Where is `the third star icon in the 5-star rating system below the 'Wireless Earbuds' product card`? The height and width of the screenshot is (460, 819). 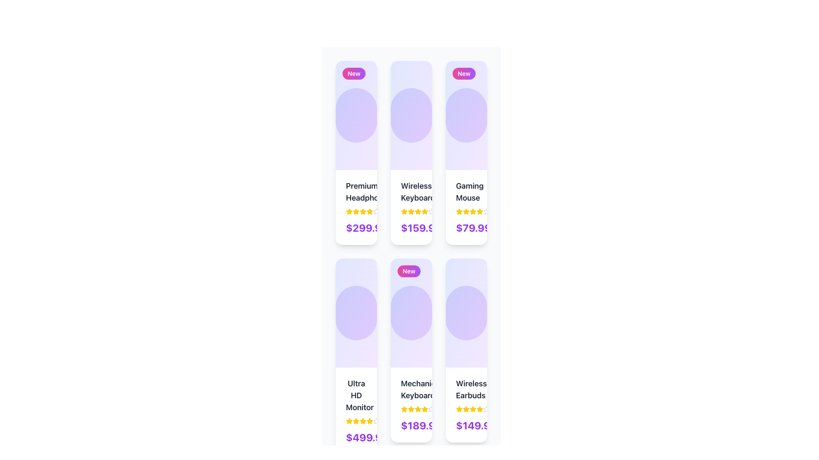
the third star icon in the 5-star rating system below the 'Wireless Earbuds' product card is located at coordinates (466, 408).